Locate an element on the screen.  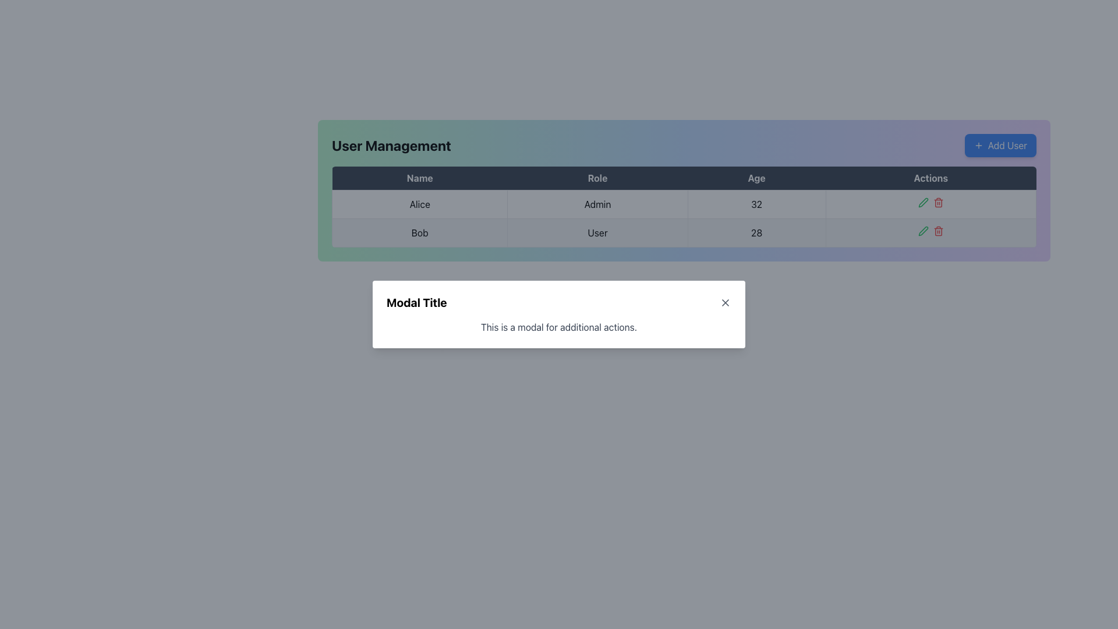
the edit icon button located is located at coordinates (922, 231).